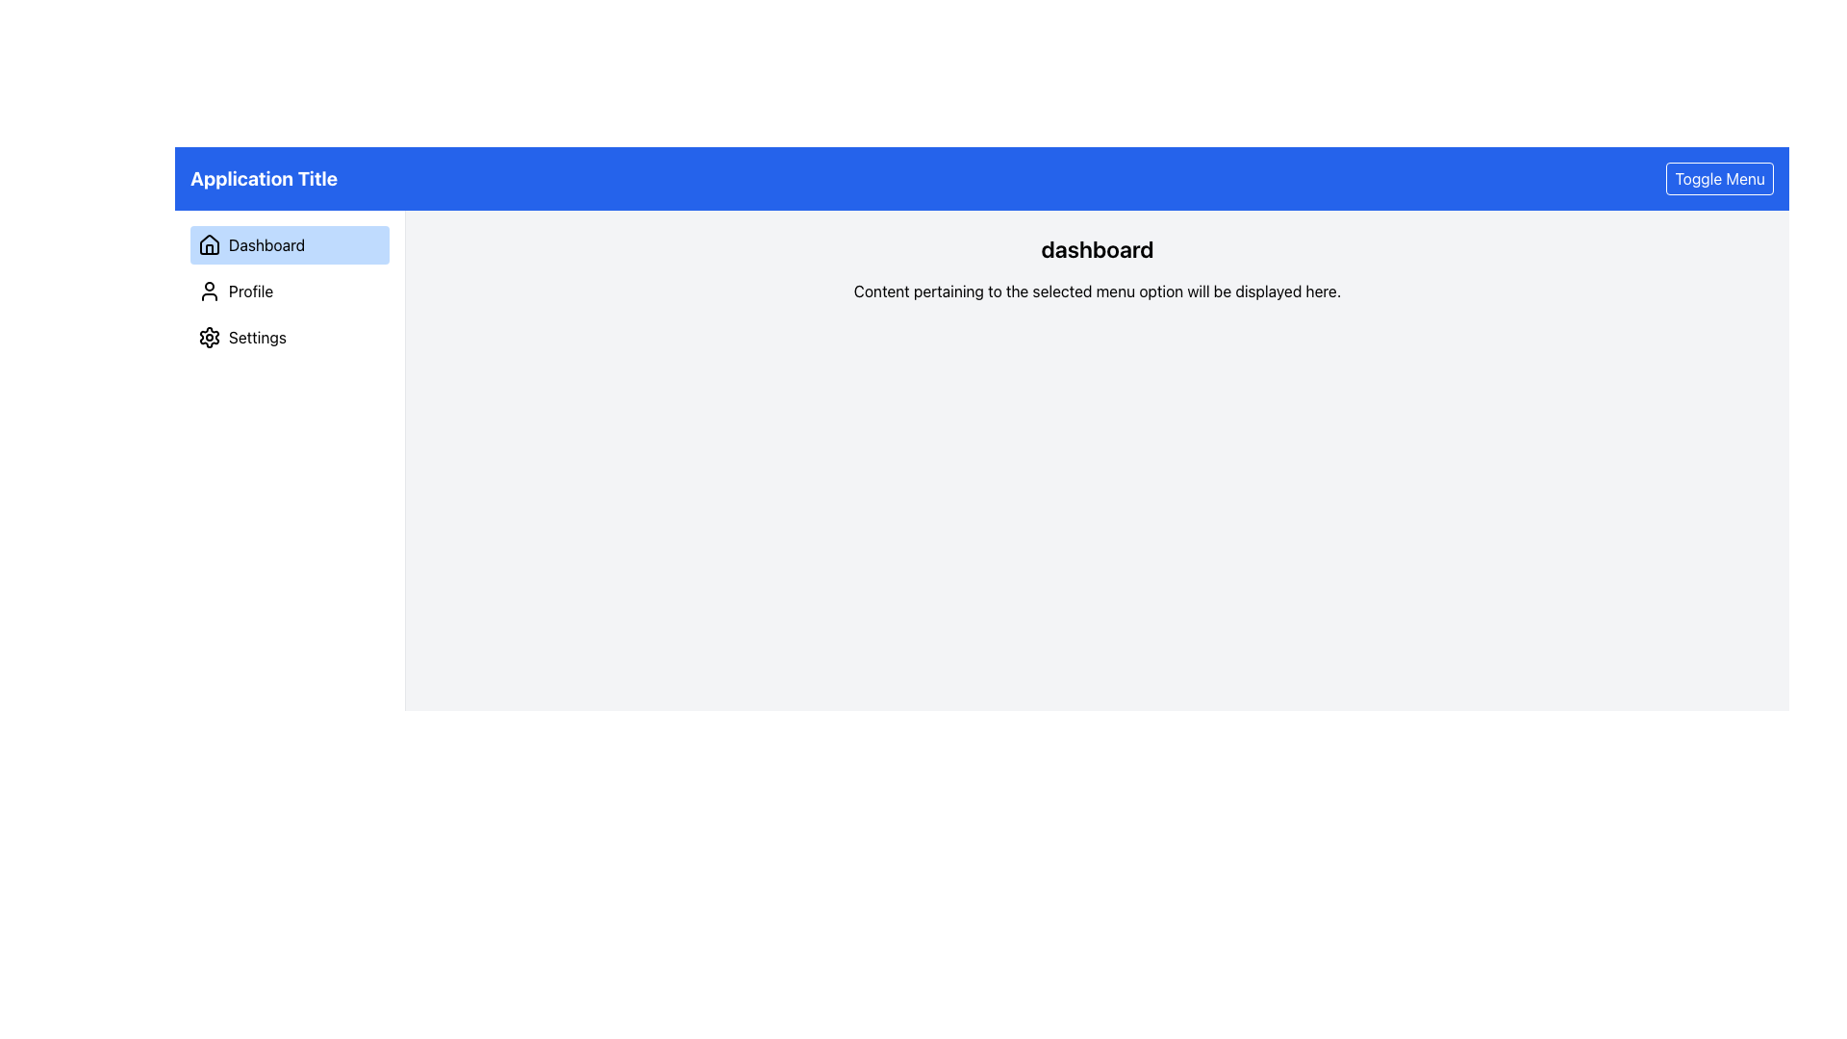  What do you see at coordinates (209, 248) in the screenshot?
I see `the 'Dashboard' icon in the left sidebar navigation menu` at bounding box center [209, 248].